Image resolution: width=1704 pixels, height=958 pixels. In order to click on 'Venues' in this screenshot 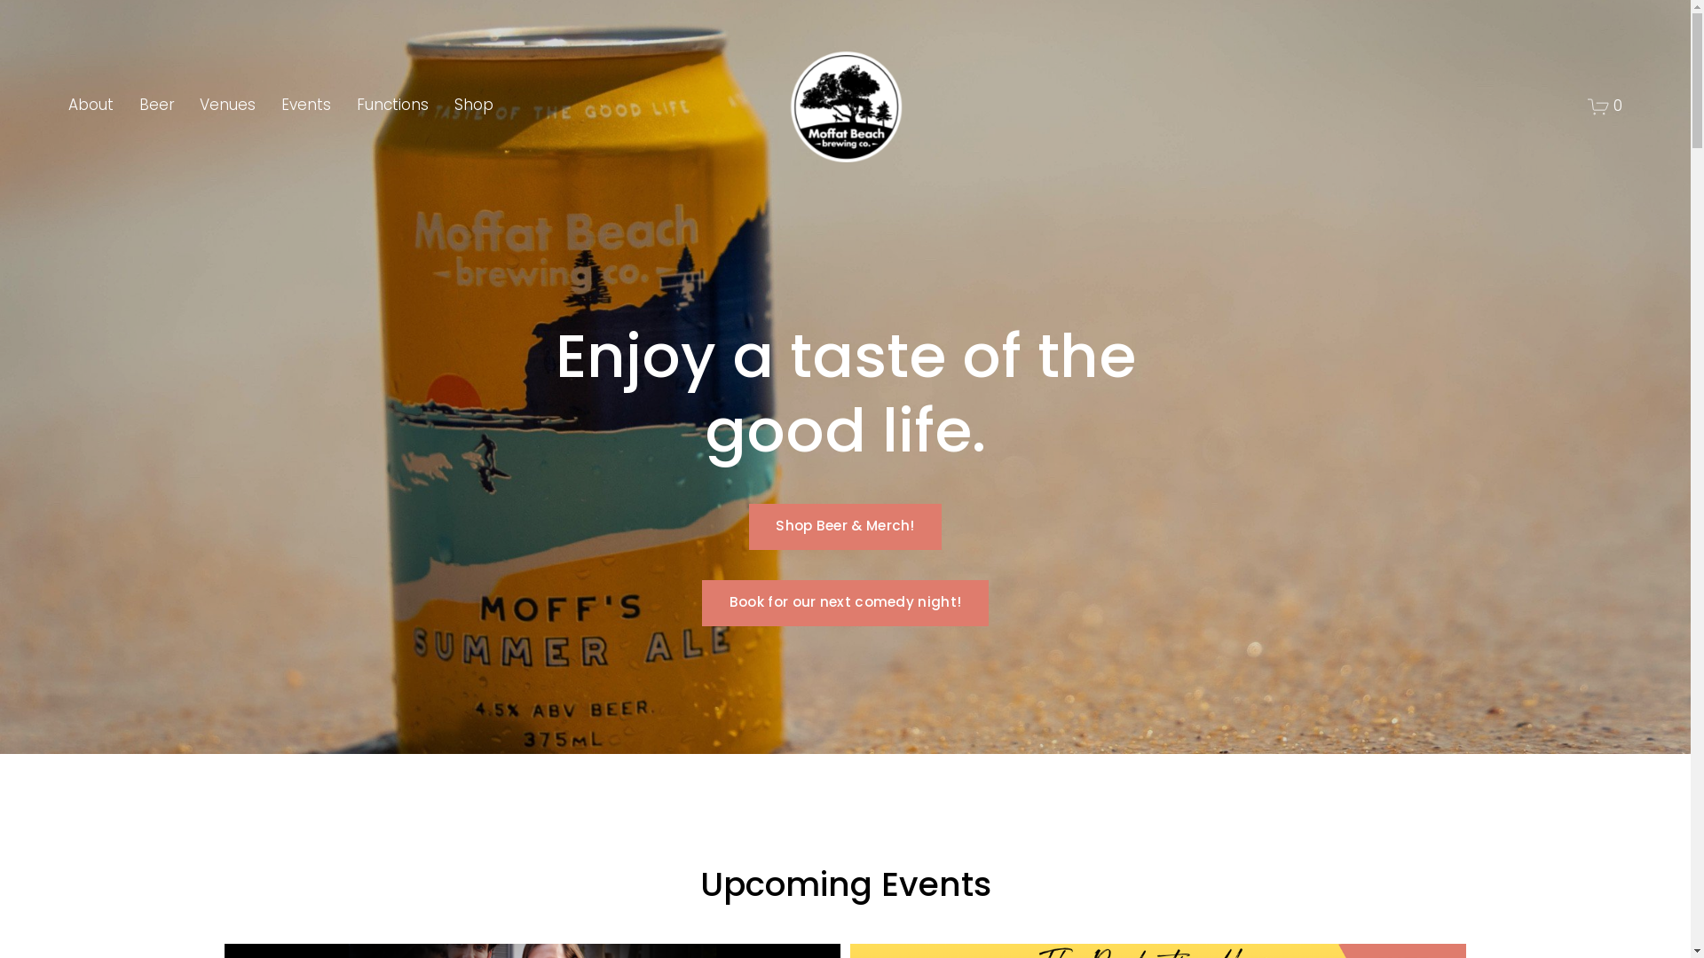, I will do `click(226, 106)`.